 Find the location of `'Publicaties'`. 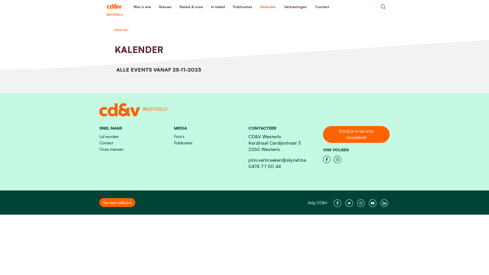

'Publicaties' is located at coordinates (183, 143).